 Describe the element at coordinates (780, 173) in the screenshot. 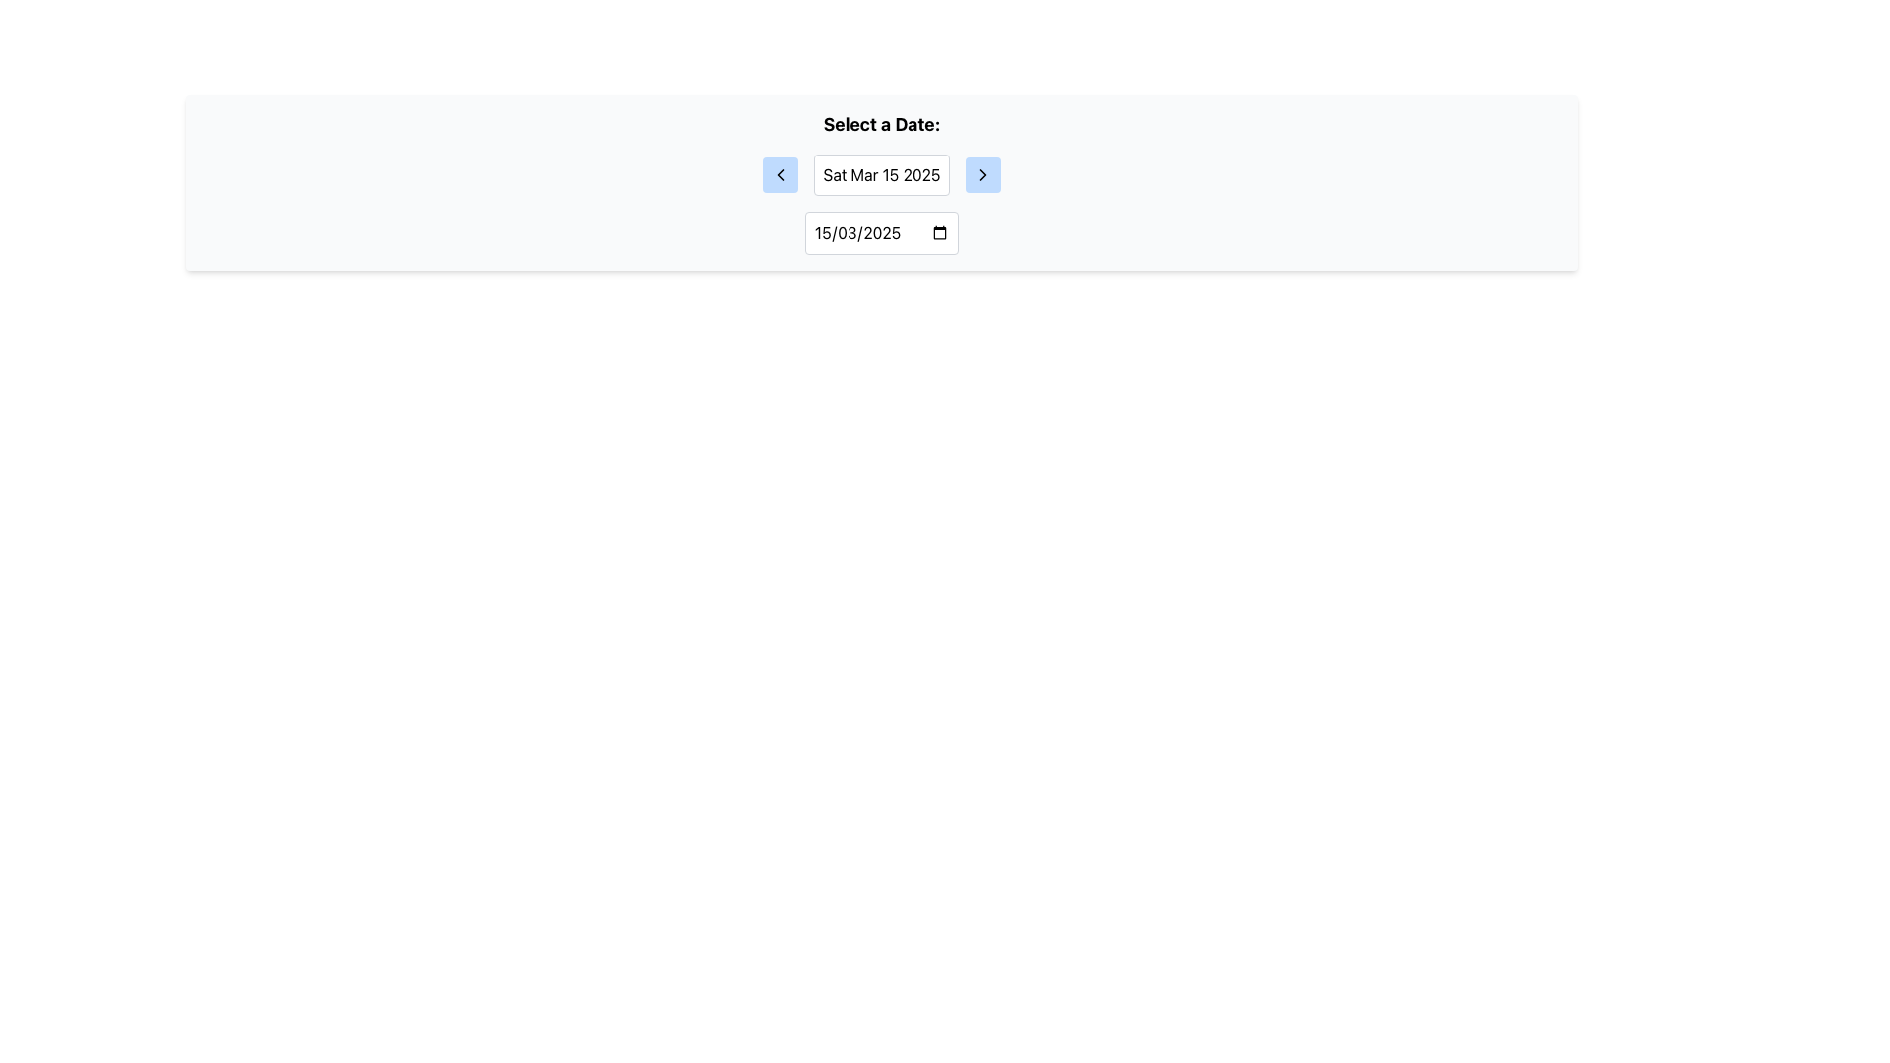

I see `the button located immediately to the left of the date text 'Sat Mar 15 2025'` at that location.